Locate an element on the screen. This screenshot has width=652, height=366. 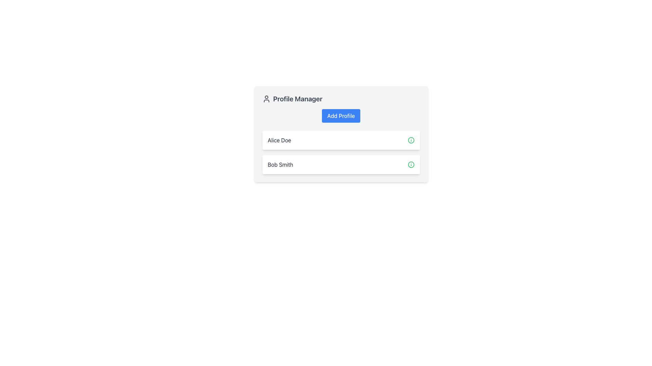
the green circular icon located to the right of the 'Bob Smith' list item within a card on the webpage is located at coordinates (411, 140).